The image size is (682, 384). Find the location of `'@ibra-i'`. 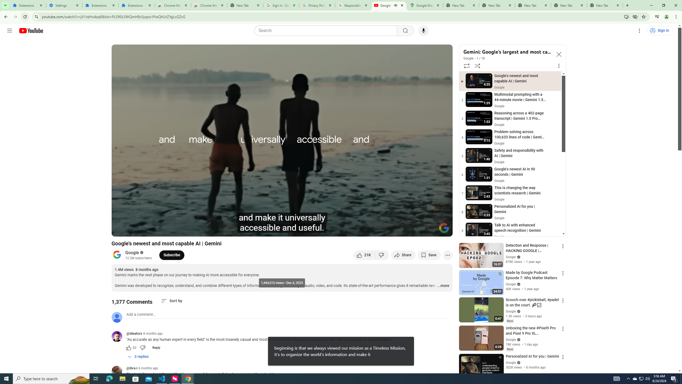

'@ibra-i' is located at coordinates (119, 371).